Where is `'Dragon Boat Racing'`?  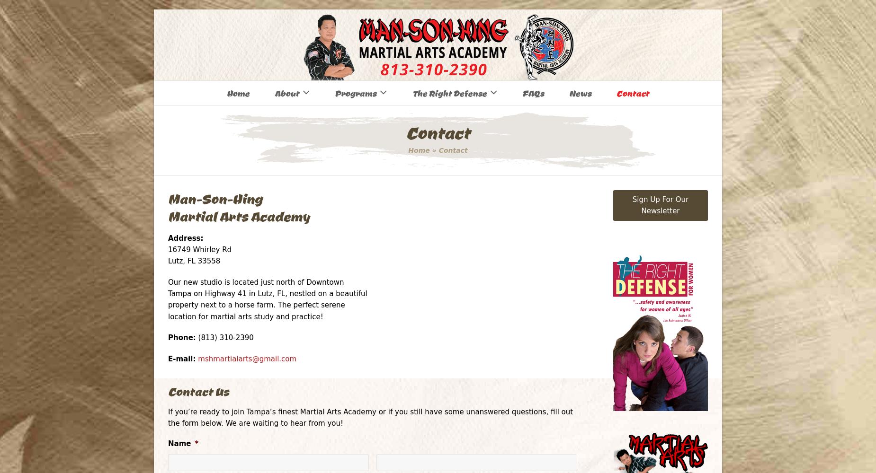 'Dragon Boat Racing' is located at coordinates (370, 241).